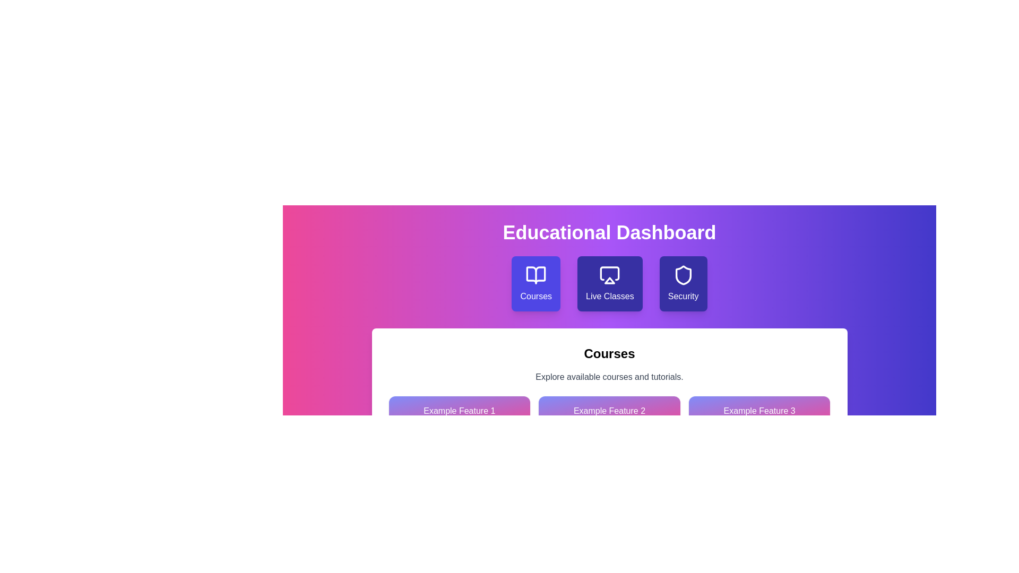  Describe the element at coordinates (683, 283) in the screenshot. I see `the Security tab` at that location.